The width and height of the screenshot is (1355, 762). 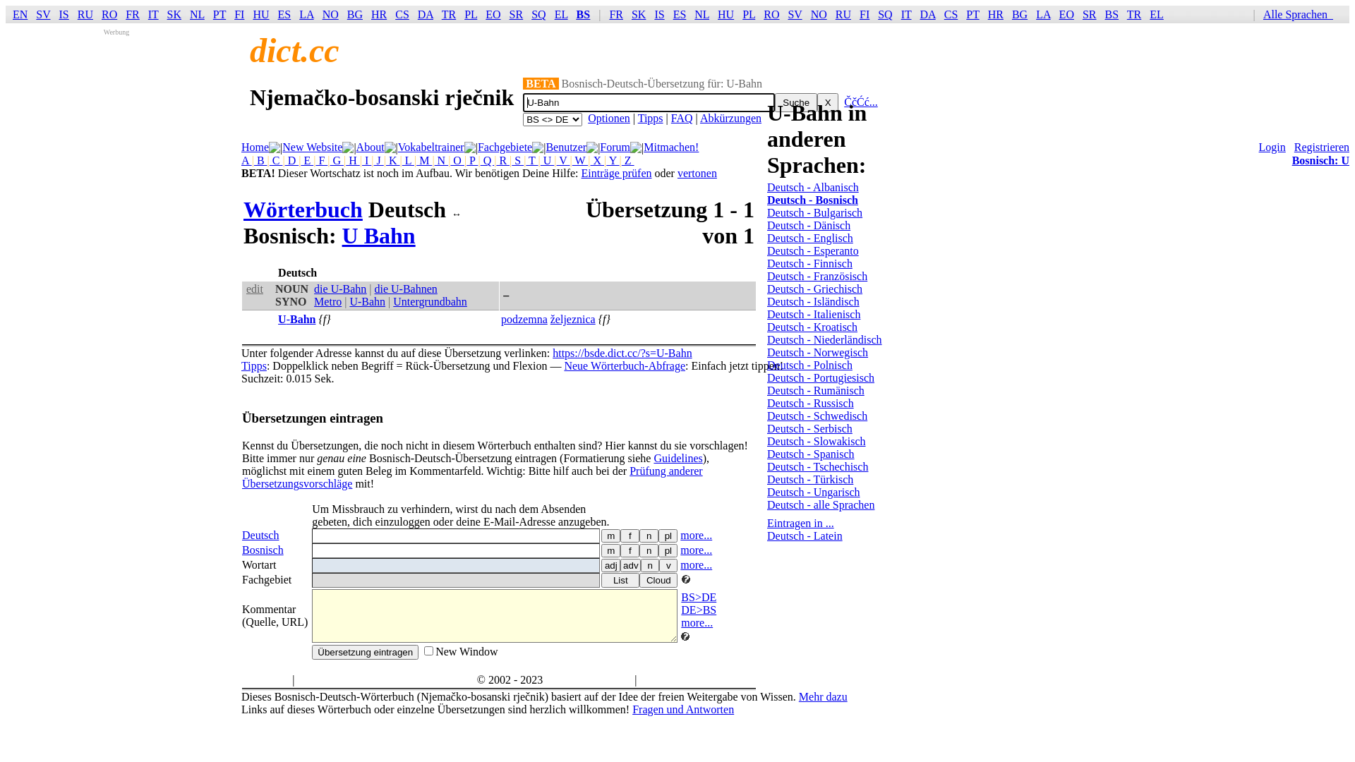 I want to click on 'Deutsch', so click(x=260, y=535).